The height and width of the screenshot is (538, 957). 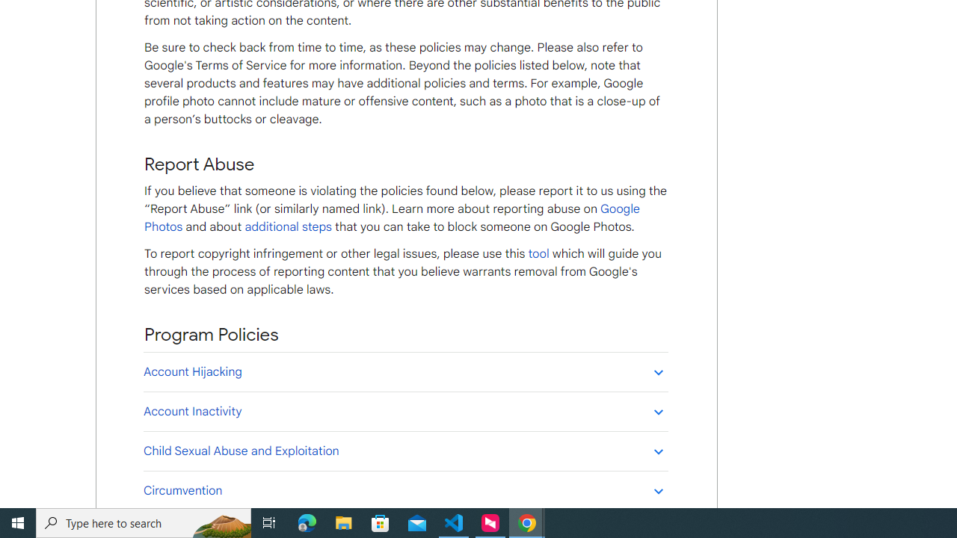 What do you see at coordinates (405, 450) in the screenshot?
I see `'Child Sexual Abuse and Exploitation'` at bounding box center [405, 450].